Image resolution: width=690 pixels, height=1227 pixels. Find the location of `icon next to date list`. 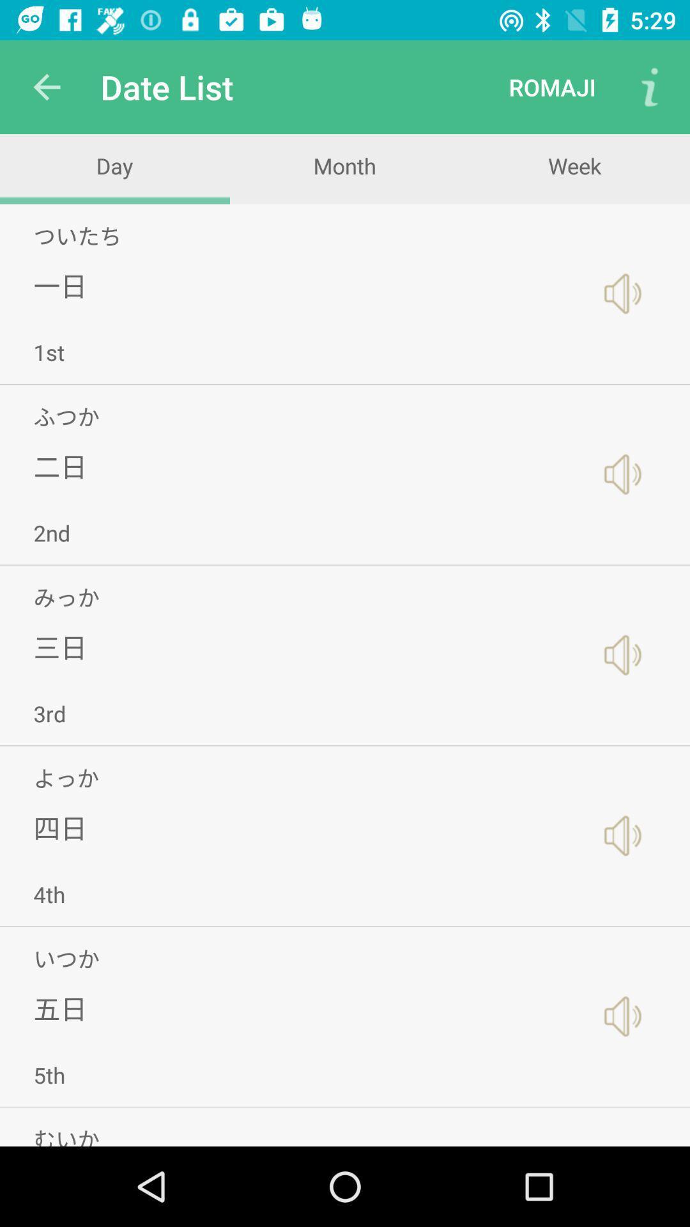

icon next to date list is located at coordinates (46, 86).